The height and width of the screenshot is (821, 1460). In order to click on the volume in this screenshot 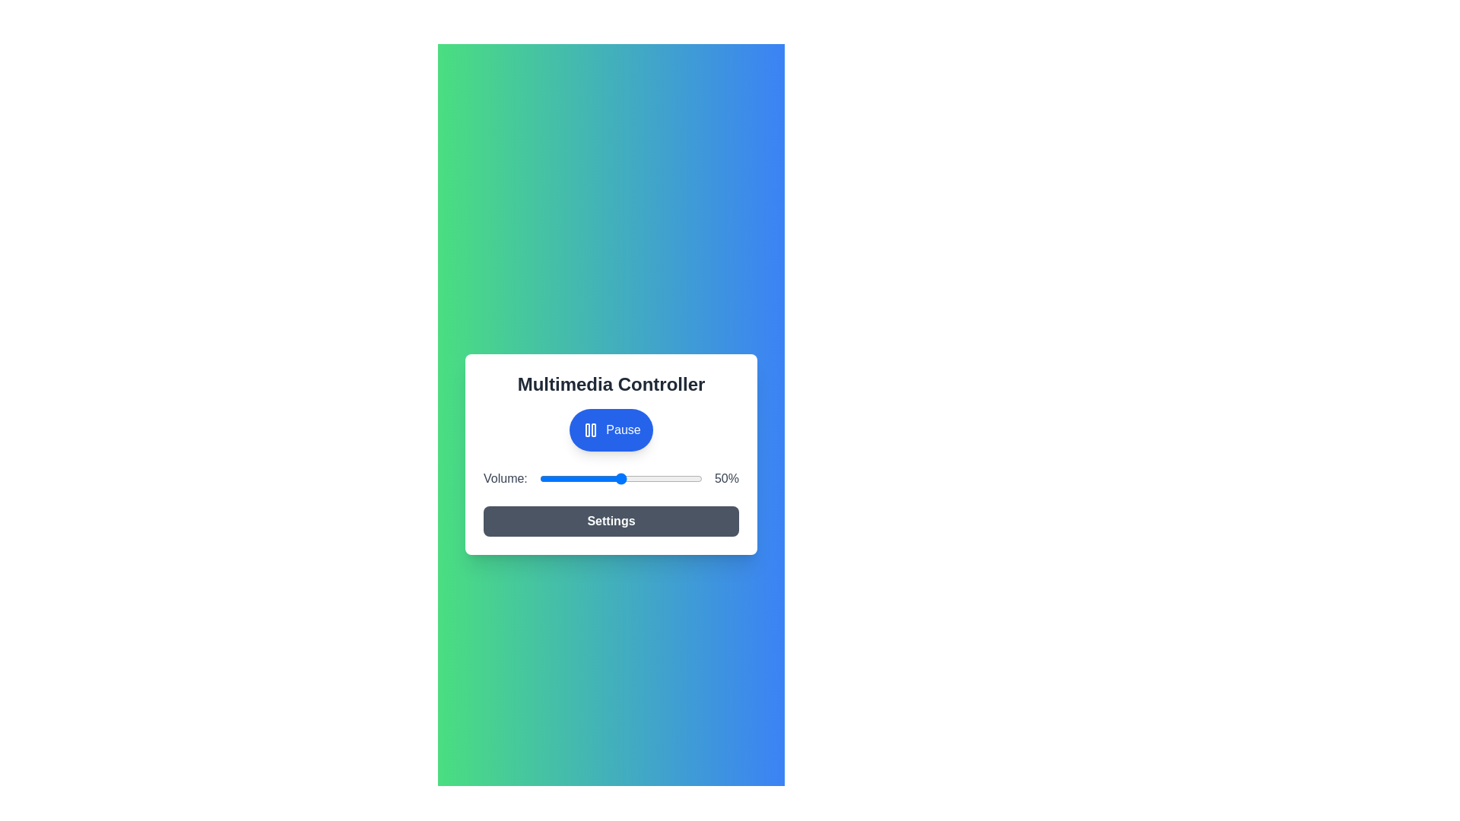, I will do `click(657, 477)`.